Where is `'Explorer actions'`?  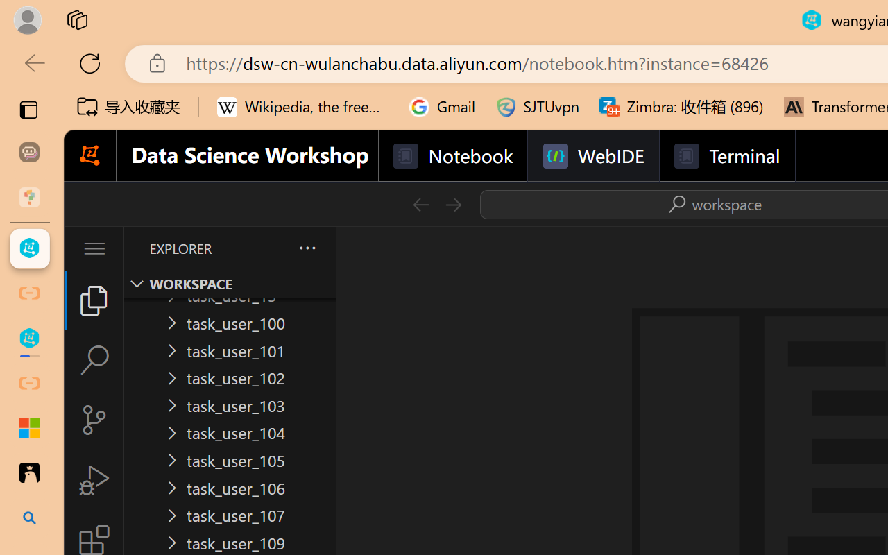 'Explorer actions' is located at coordinates (271, 248).